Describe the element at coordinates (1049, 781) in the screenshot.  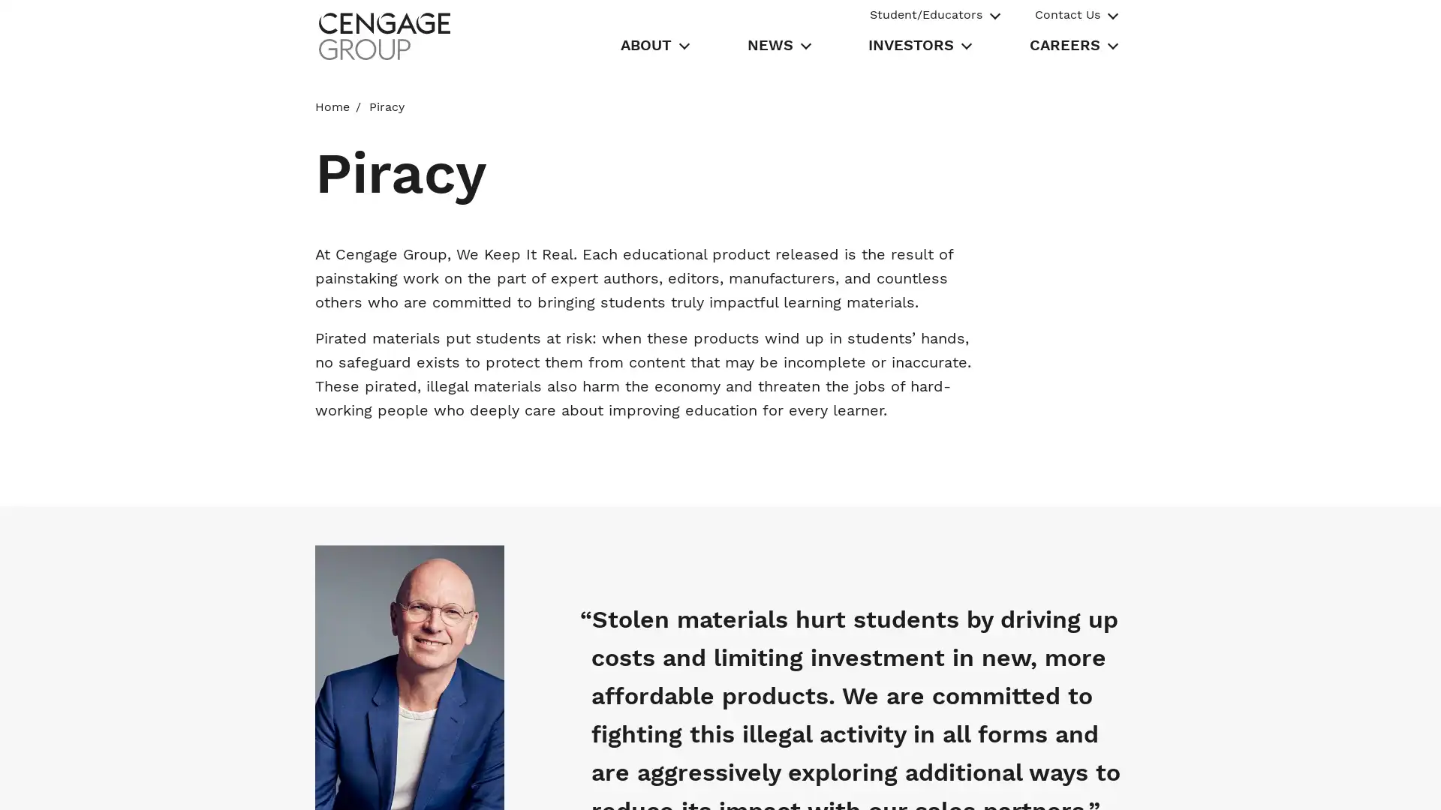
I see `Manage Options` at that location.